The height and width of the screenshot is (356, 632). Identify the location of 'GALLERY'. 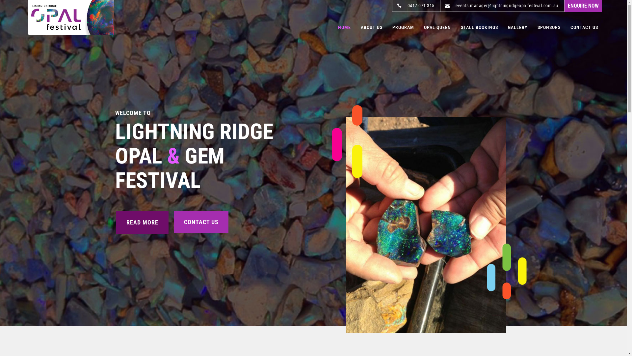
(517, 27).